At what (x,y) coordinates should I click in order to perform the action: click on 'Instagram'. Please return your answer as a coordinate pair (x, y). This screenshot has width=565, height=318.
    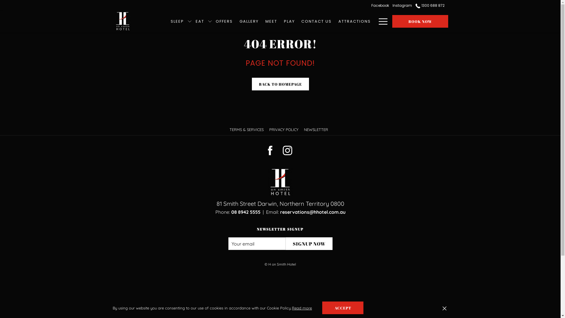
    Looking at the image, I should click on (404, 5).